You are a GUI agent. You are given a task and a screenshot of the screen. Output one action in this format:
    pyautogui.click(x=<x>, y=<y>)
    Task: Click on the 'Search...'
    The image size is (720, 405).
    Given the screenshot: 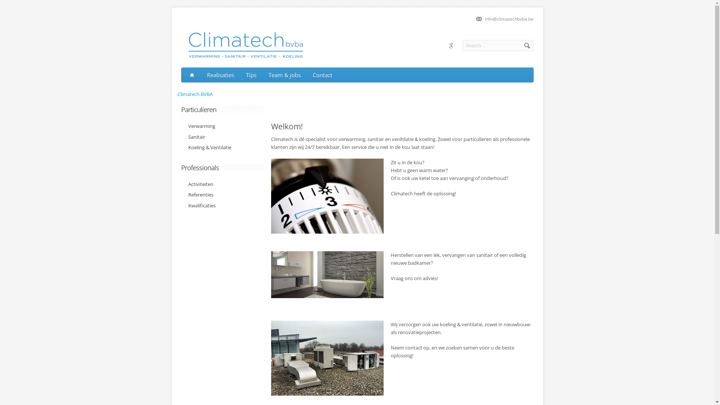 What is the action you would take?
    pyautogui.click(x=497, y=45)
    